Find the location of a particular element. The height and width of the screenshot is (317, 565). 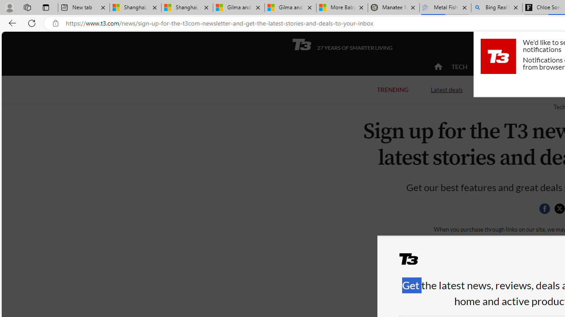

'Back' is located at coordinates (11, 22).